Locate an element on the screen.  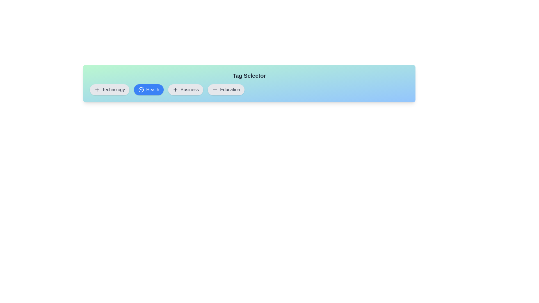
the tag Health by clicking on it is located at coordinates (149, 89).